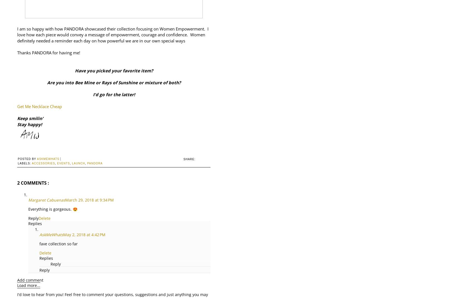 The width and height of the screenshot is (472, 298). What do you see at coordinates (112, 34) in the screenshot?
I see `'I am so happy with how PANDORA showcased their collection focusing on Women Empowerment.  I love how each piece would convey a message of empowerment, courage and confidence.  Women definitely needed a reminder each day on how powerful we are in our own special ways'` at bounding box center [112, 34].